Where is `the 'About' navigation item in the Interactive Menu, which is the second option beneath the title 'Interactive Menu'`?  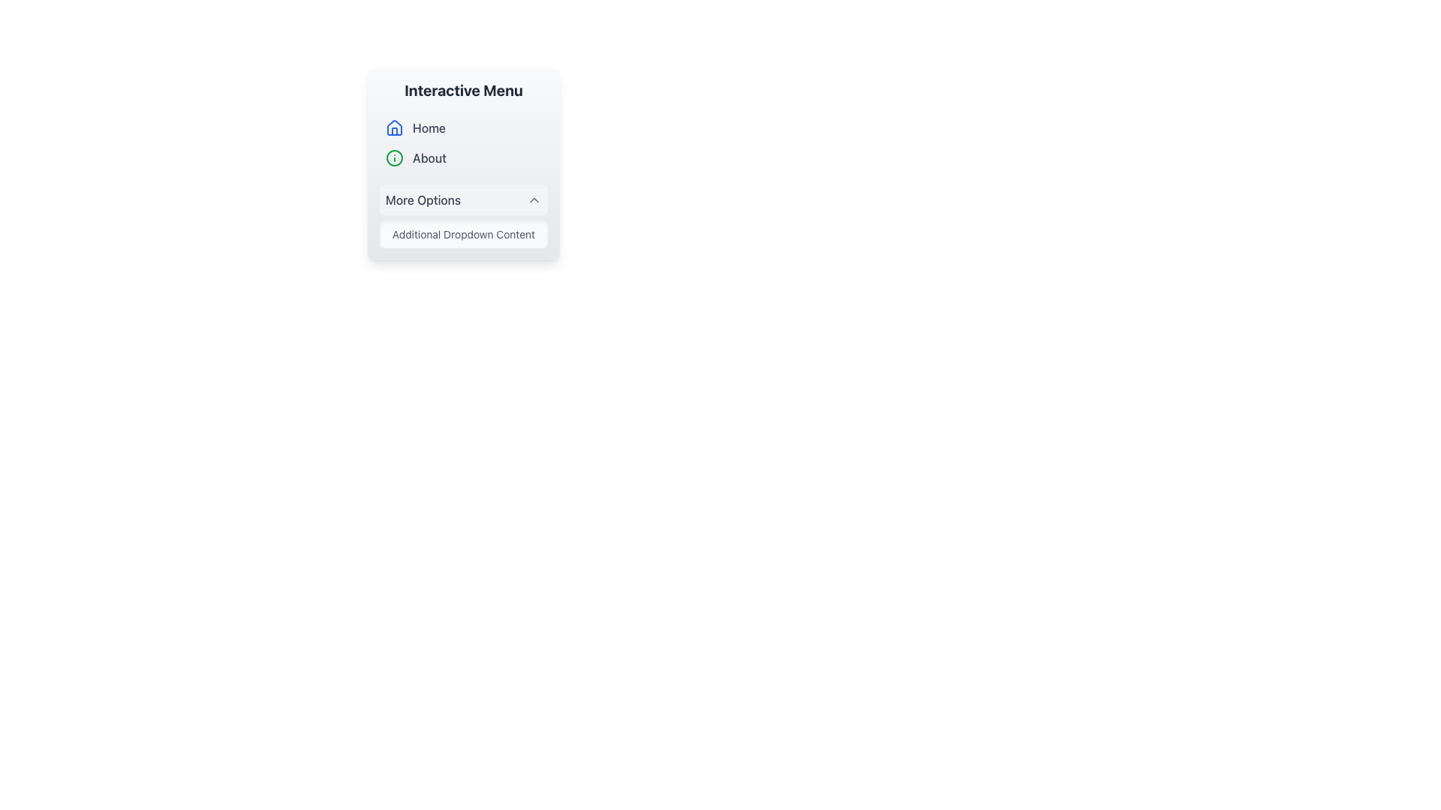
the 'About' navigation item in the Interactive Menu, which is the second option beneath the title 'Interactive Menu' is located at coordinates (463, 164).